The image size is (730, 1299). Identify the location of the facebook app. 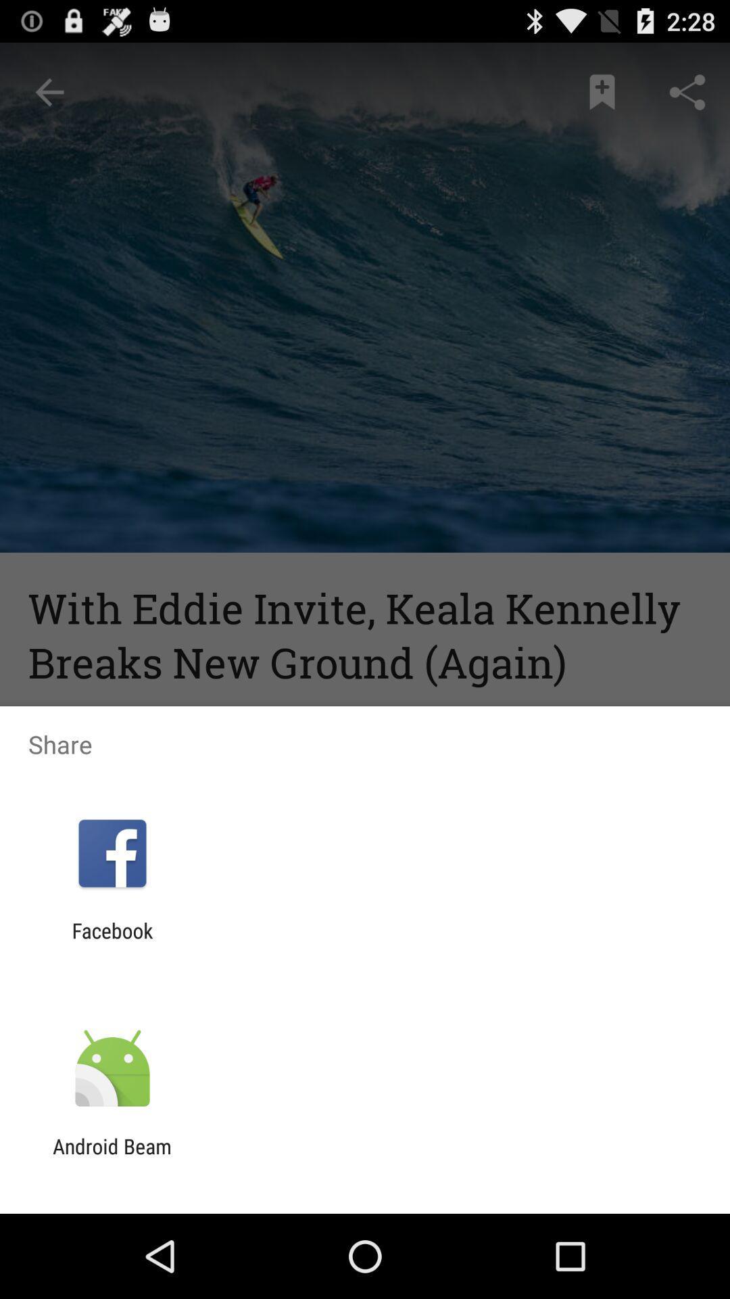
(112, 942).